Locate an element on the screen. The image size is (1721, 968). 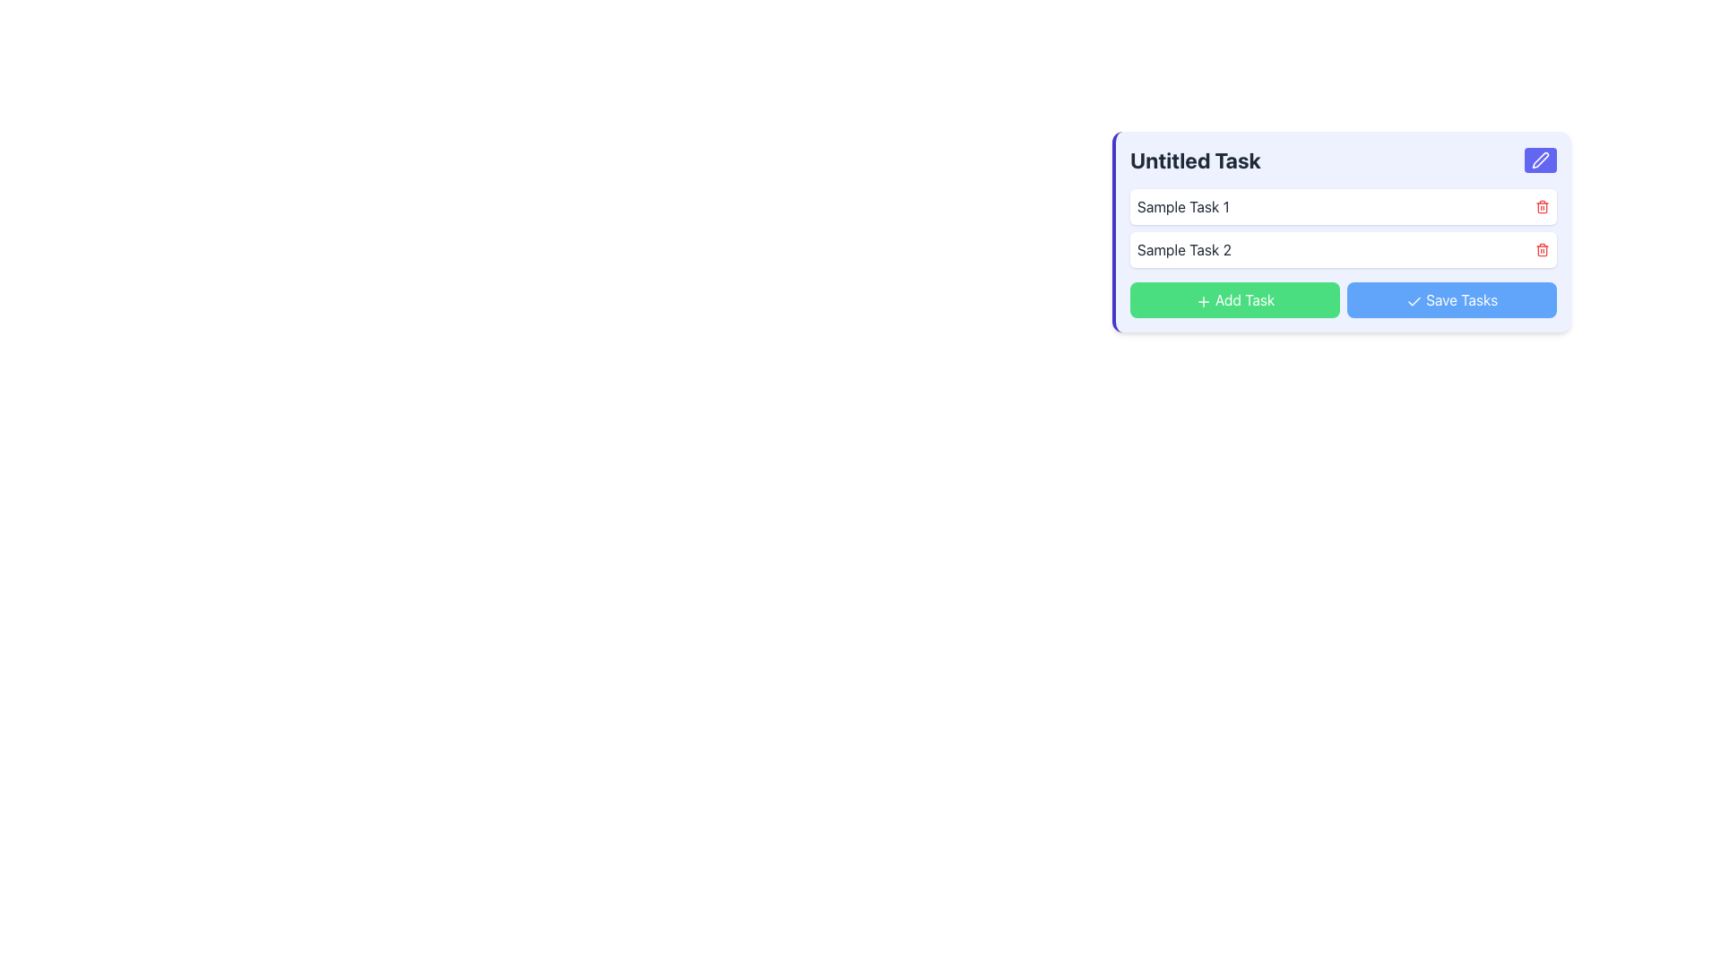
the green button labeled '+ Add Task' is located at coordinates (1233, 299).